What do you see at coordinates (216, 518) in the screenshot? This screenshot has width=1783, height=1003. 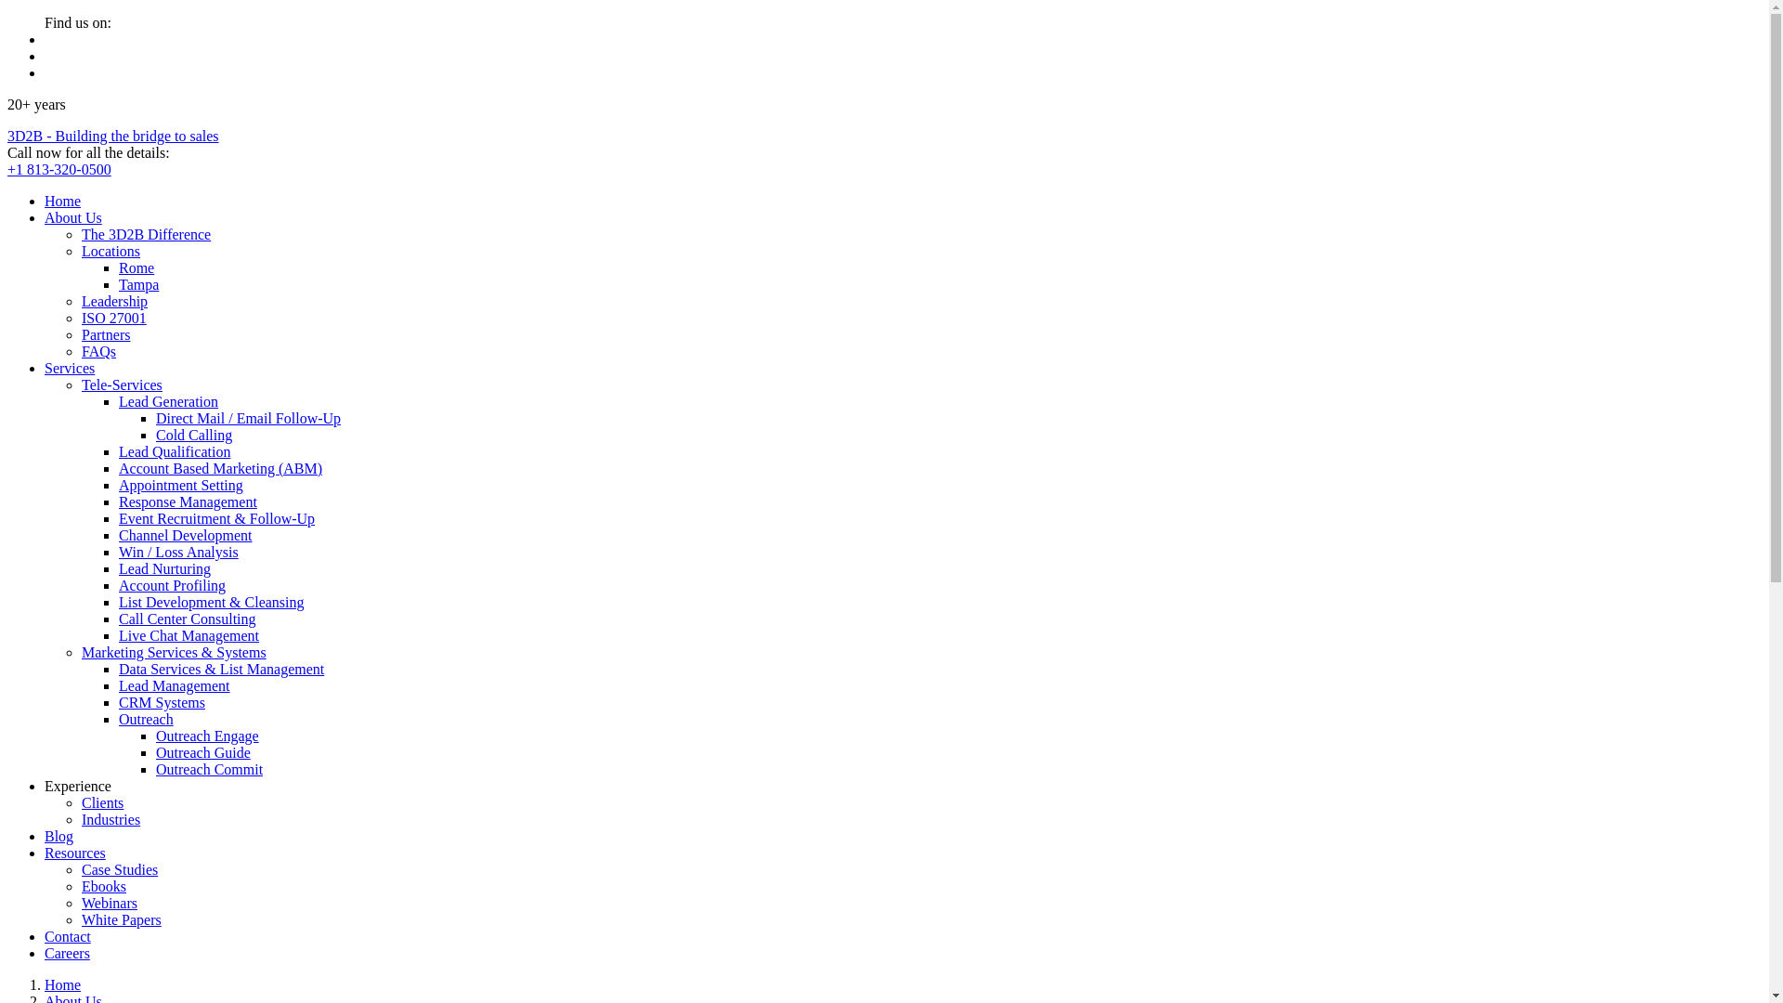 I see `'Event Recruitment & Follow-Up'` at bounding box center [216, 518].